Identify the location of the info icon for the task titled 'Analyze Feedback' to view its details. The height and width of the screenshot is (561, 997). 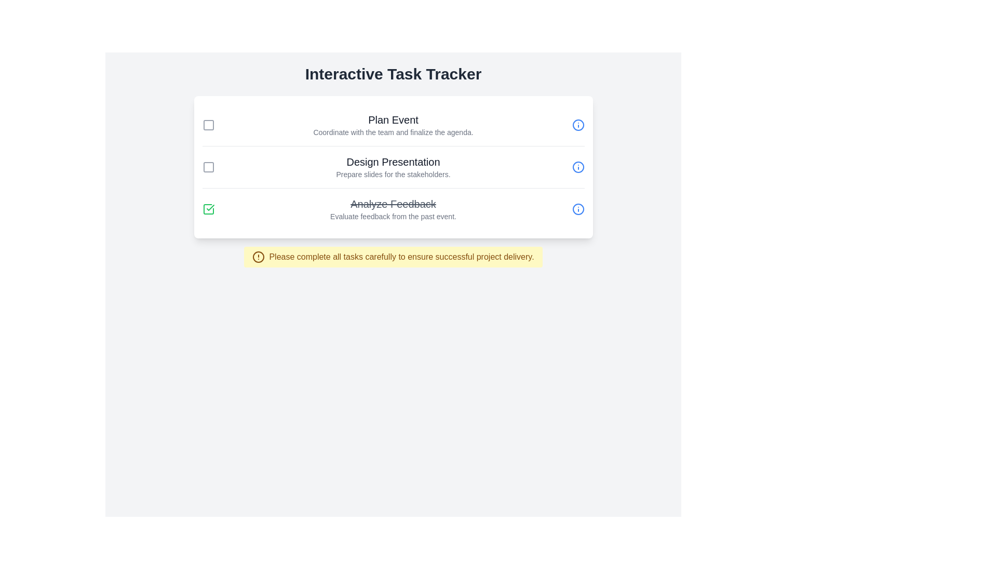
(577, 209).